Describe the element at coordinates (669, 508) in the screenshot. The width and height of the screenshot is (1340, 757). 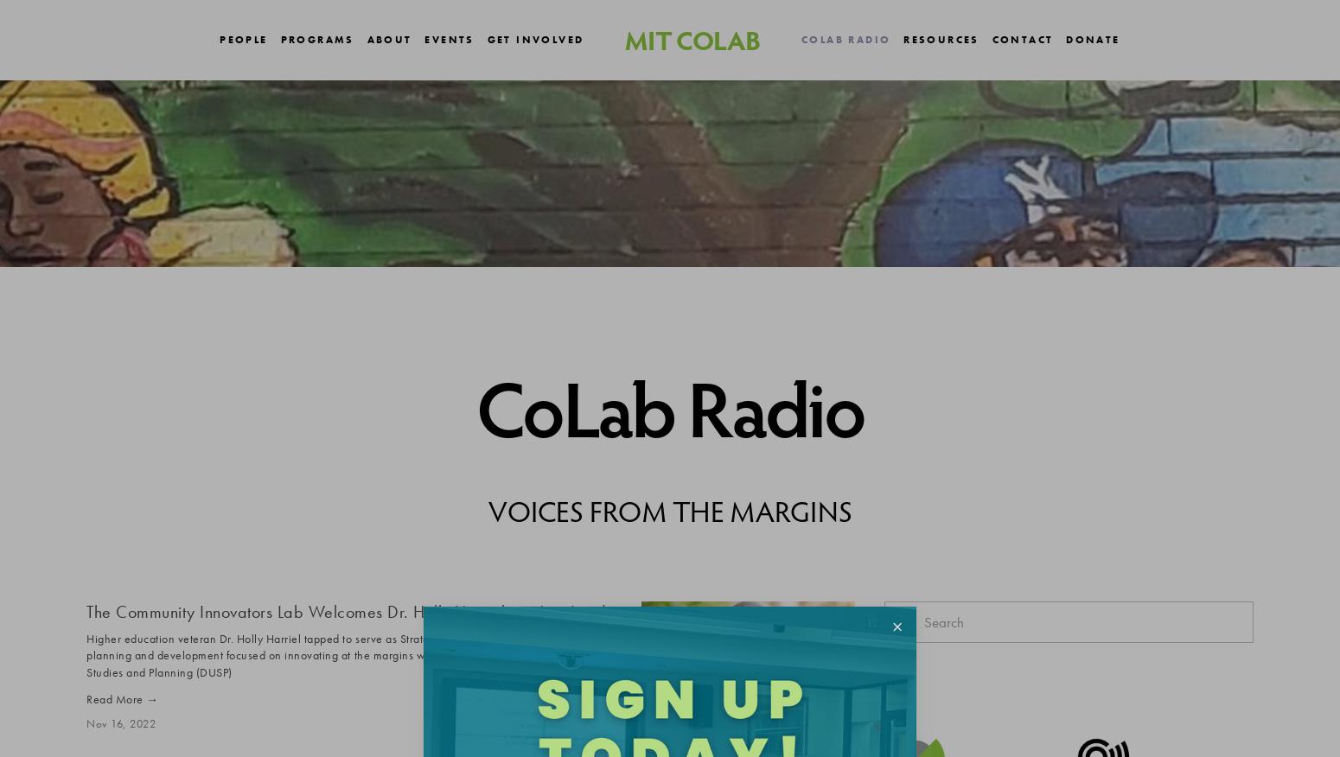
I see `'VOICES FROM THE MARGINS'` at that location.